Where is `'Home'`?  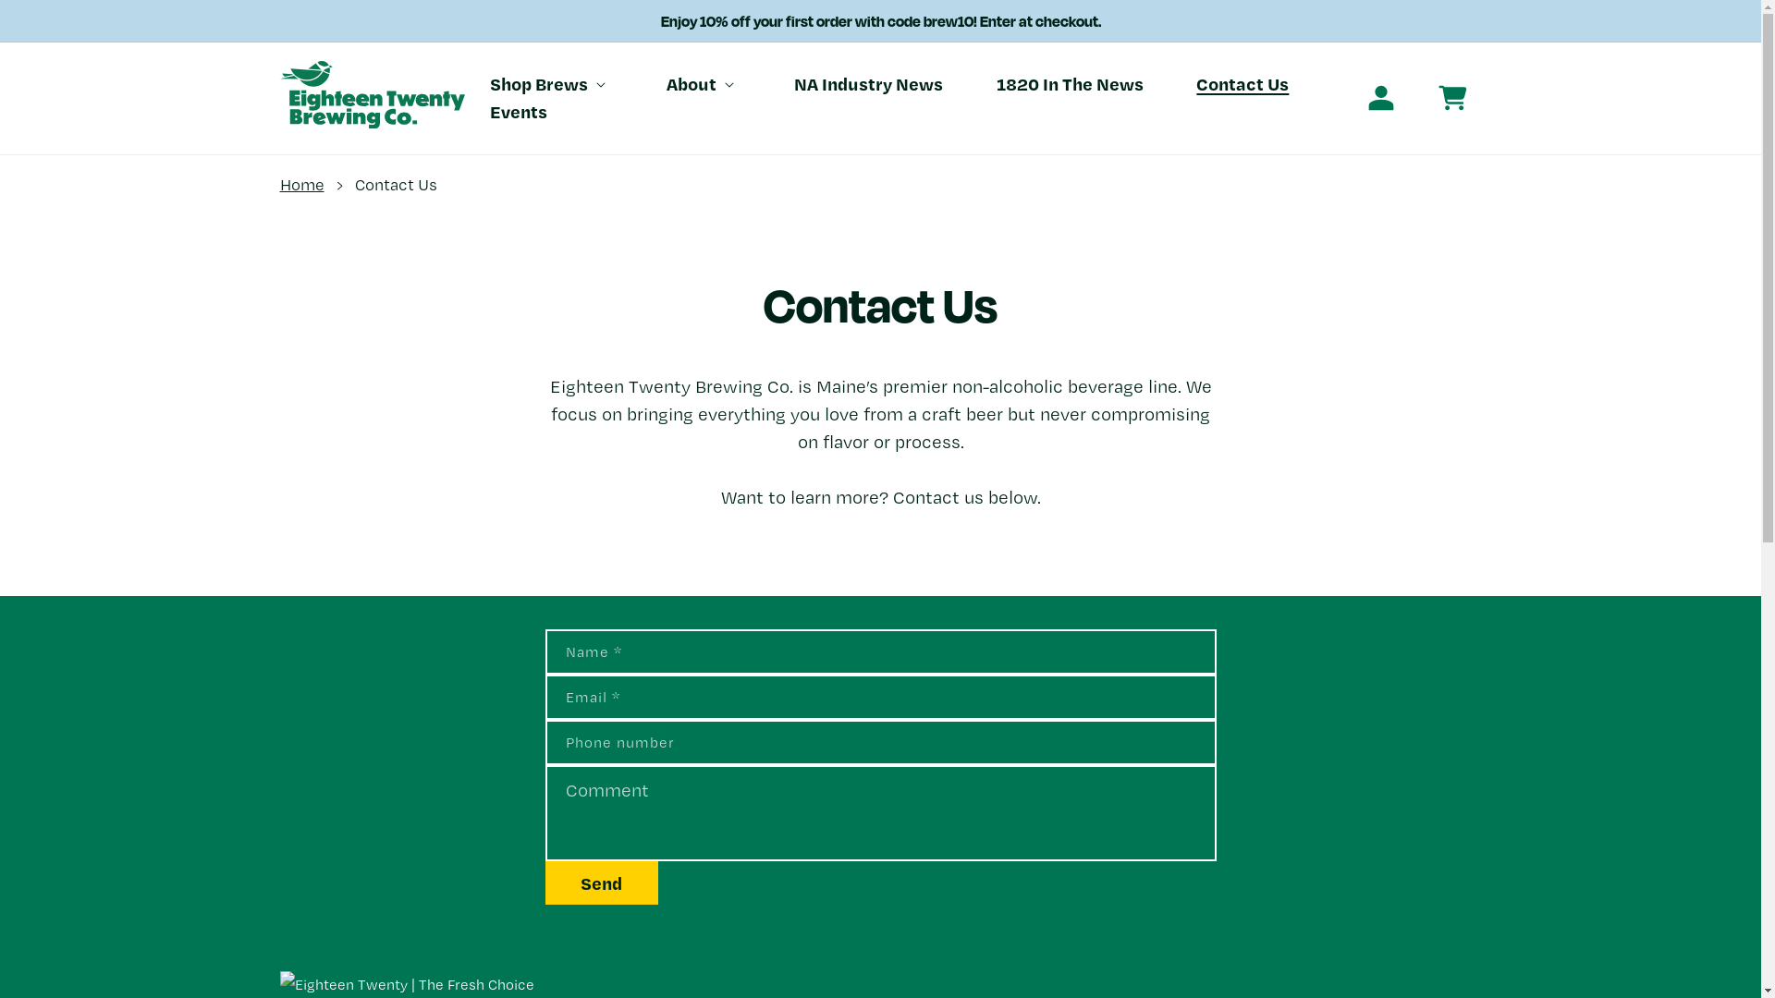
'Home' is located at coordinates (278, 184).